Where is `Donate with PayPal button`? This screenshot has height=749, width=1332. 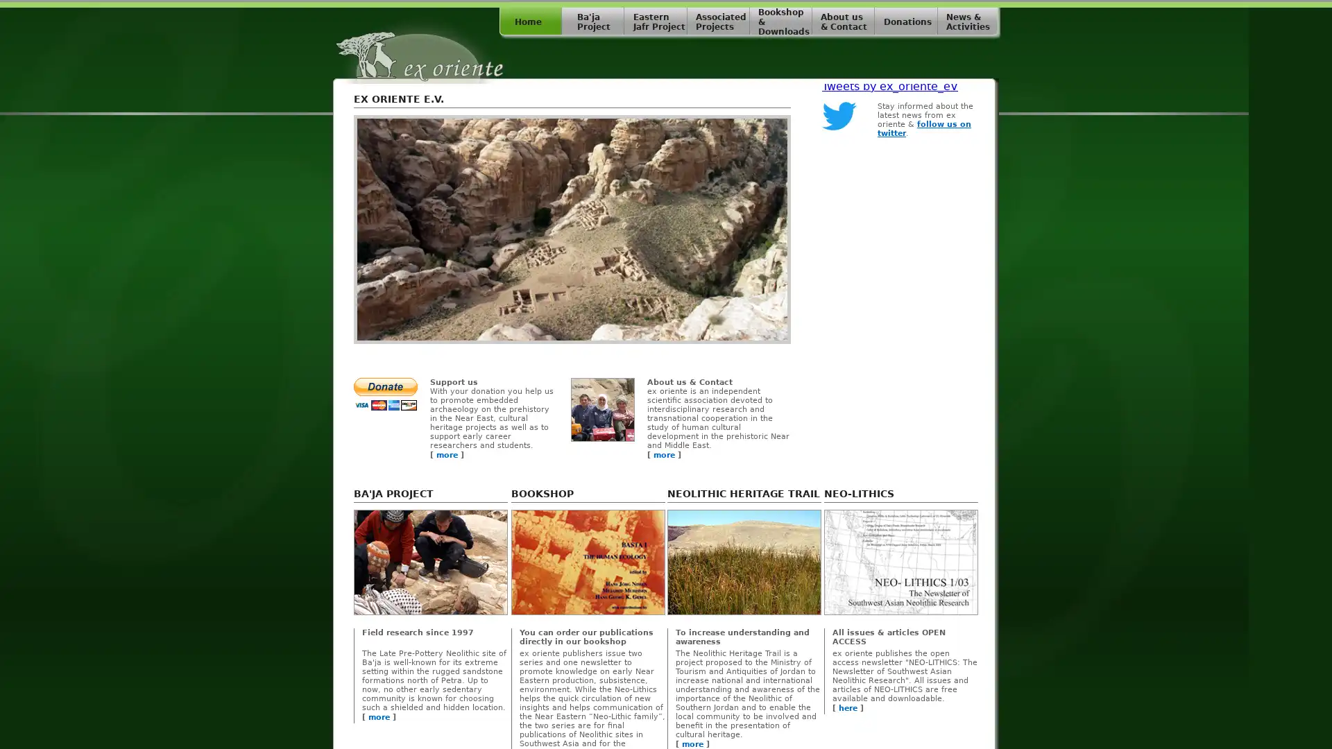
Donate with PayPal button is located at coordinates (386, 394).